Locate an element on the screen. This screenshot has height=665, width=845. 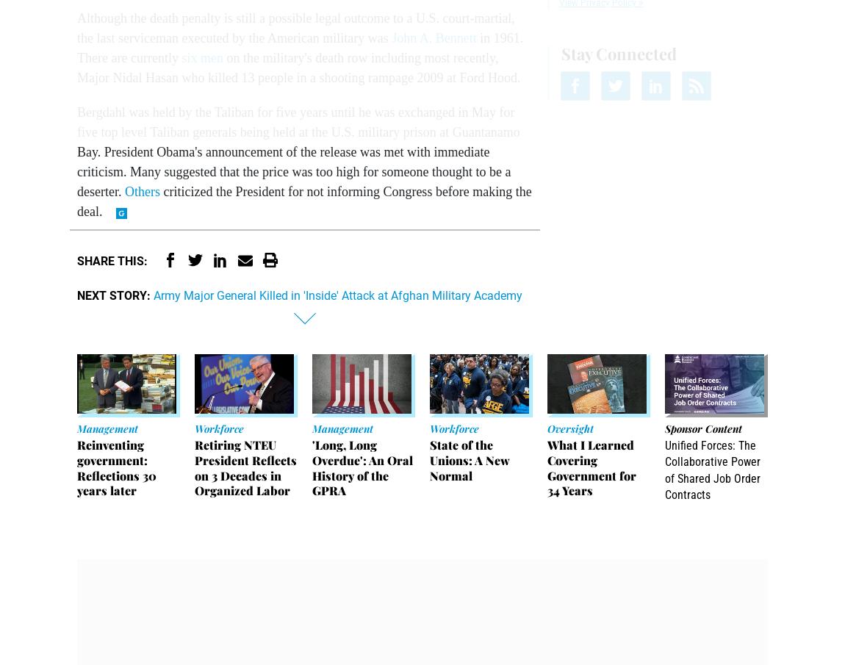
'six men' is located at coordinates (201, 58).